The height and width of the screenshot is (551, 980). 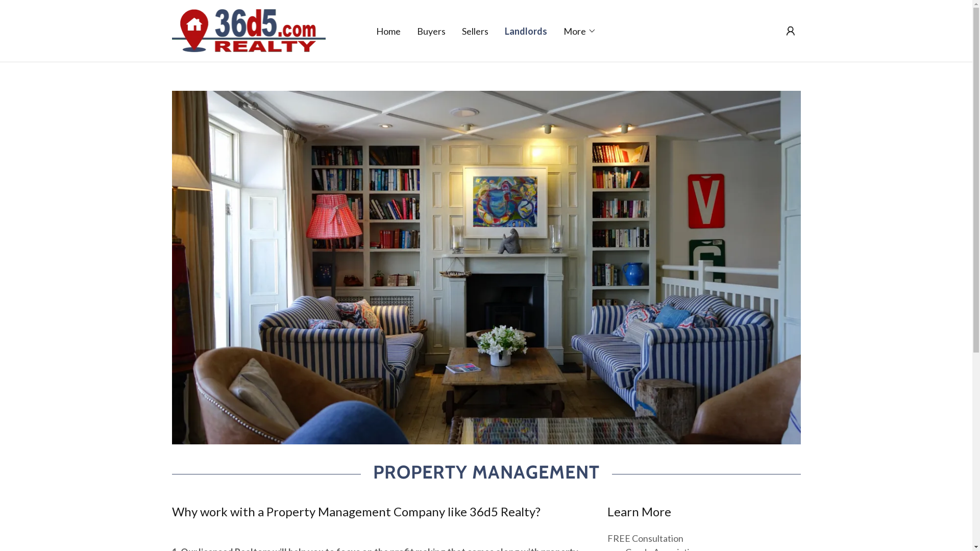 I want to click on 'Buyers', so click(x=431, y=30).